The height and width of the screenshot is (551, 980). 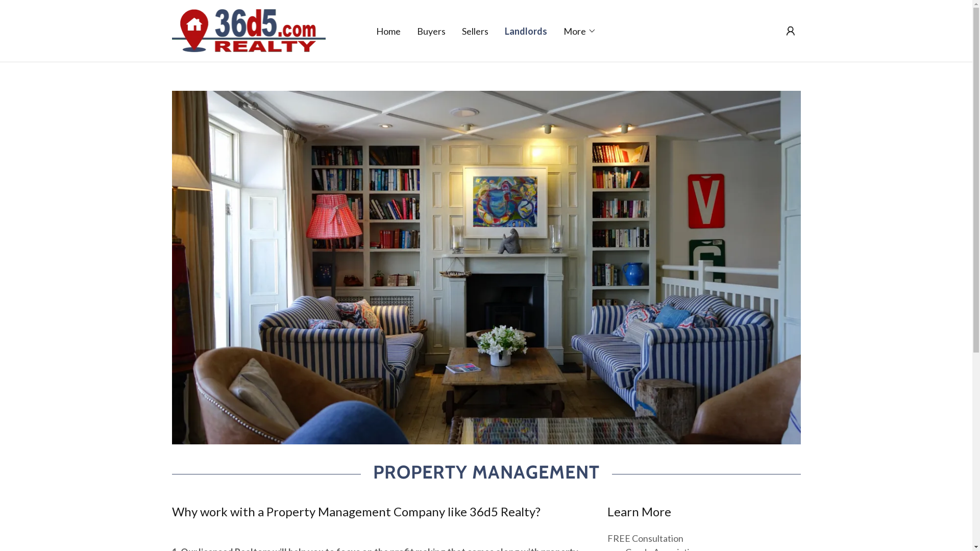 I want to click on 'Buyers', so click(x=431, y=30).